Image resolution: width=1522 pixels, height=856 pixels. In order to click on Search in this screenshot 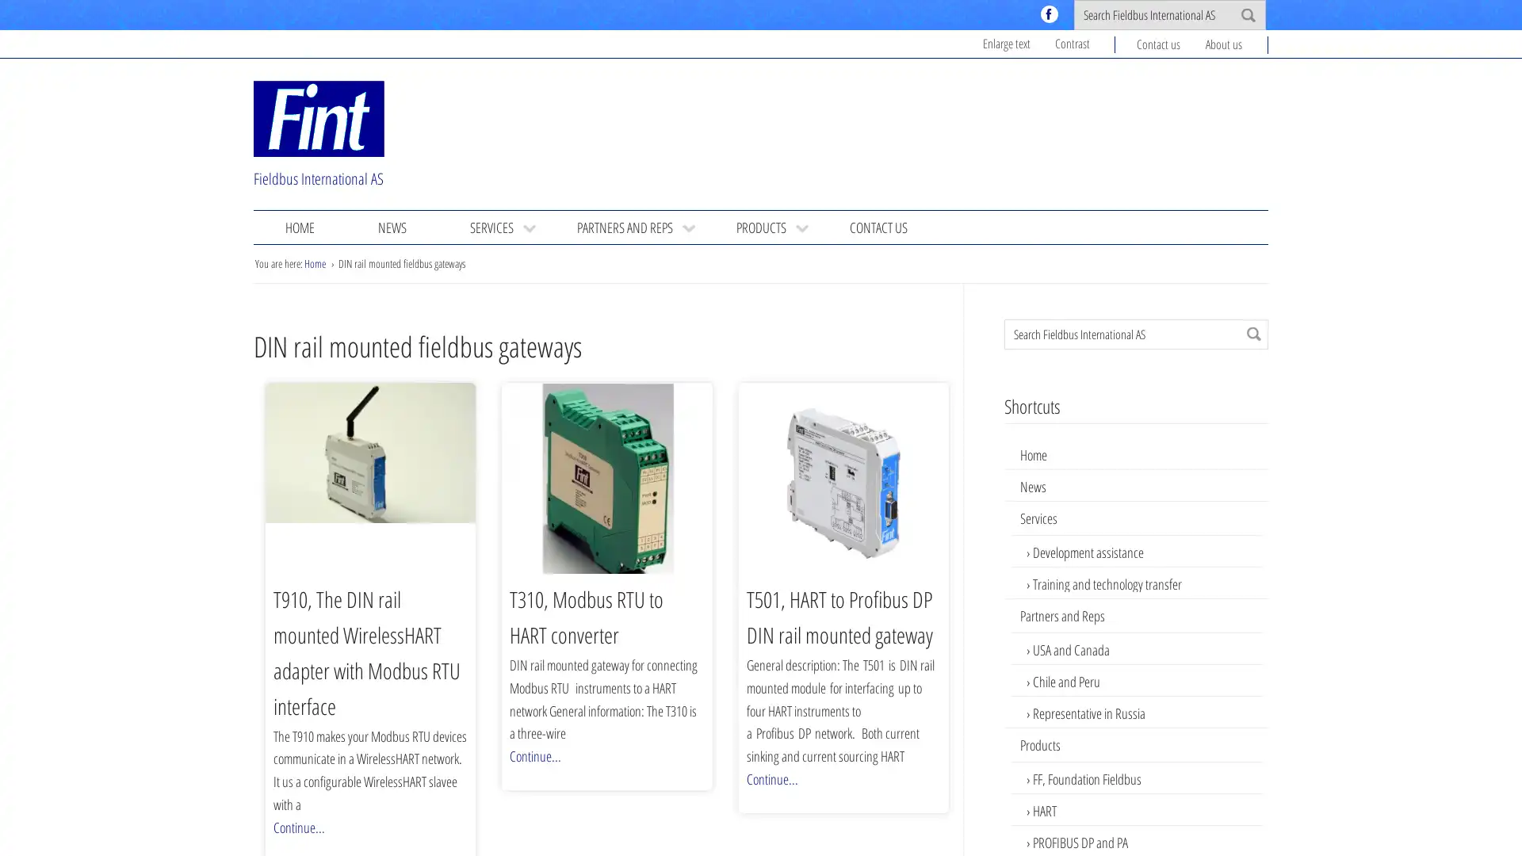, I will do `click(1247, 15)`.